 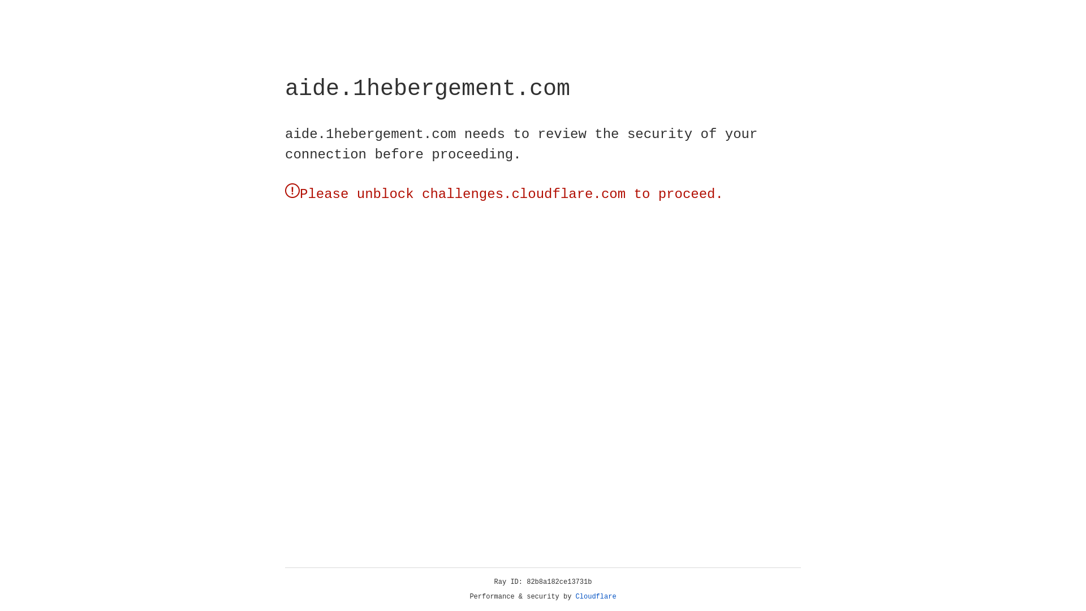 I want to click on 'Cloudflare', so click(x=575, y=596).